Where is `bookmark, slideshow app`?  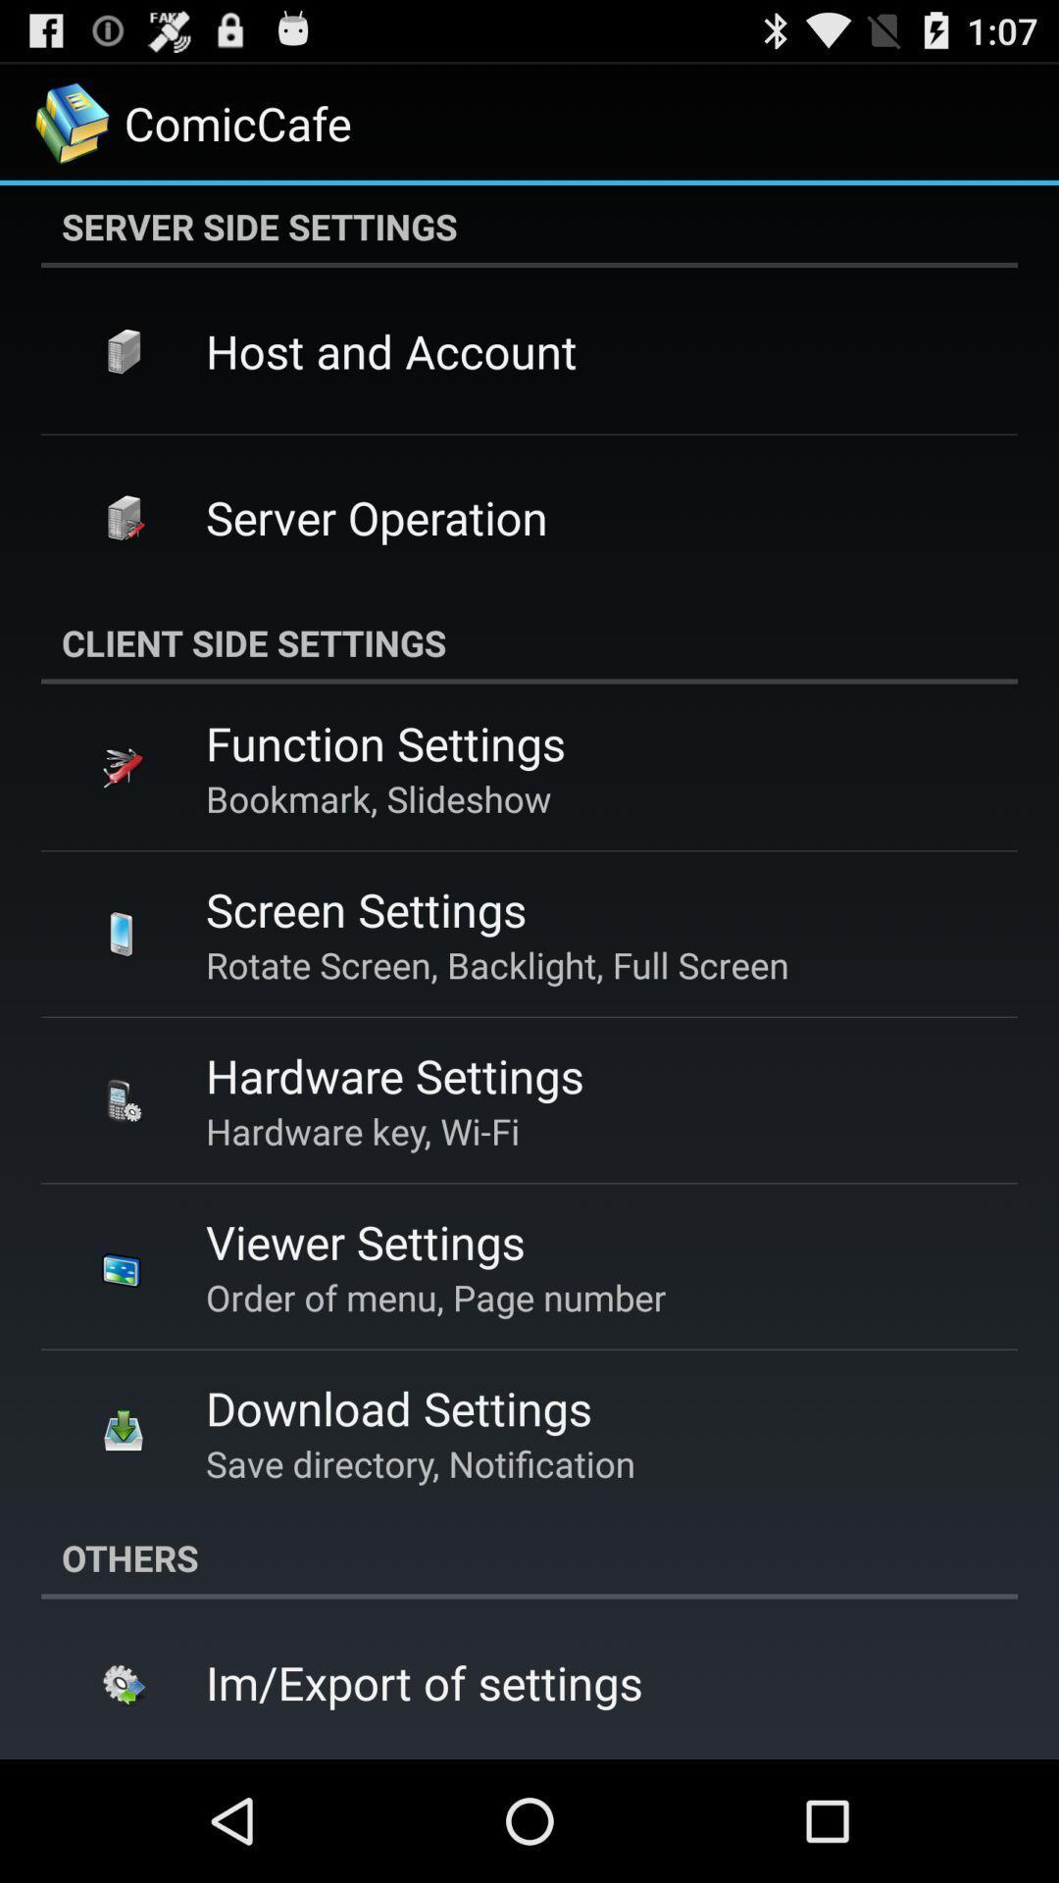 bookmark, slideshow app is located at coordinates (378, 798).